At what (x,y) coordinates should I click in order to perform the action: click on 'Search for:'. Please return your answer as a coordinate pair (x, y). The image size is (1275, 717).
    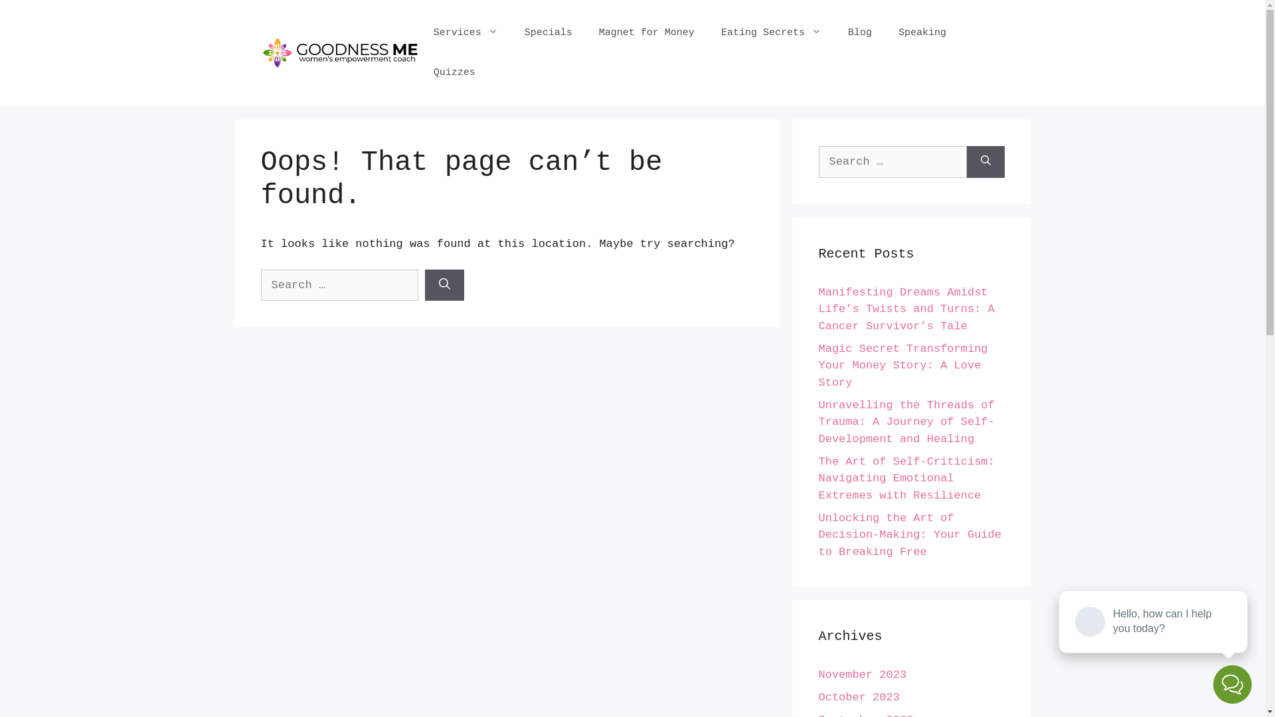
    Looking at the image, I should click on (339, 284).